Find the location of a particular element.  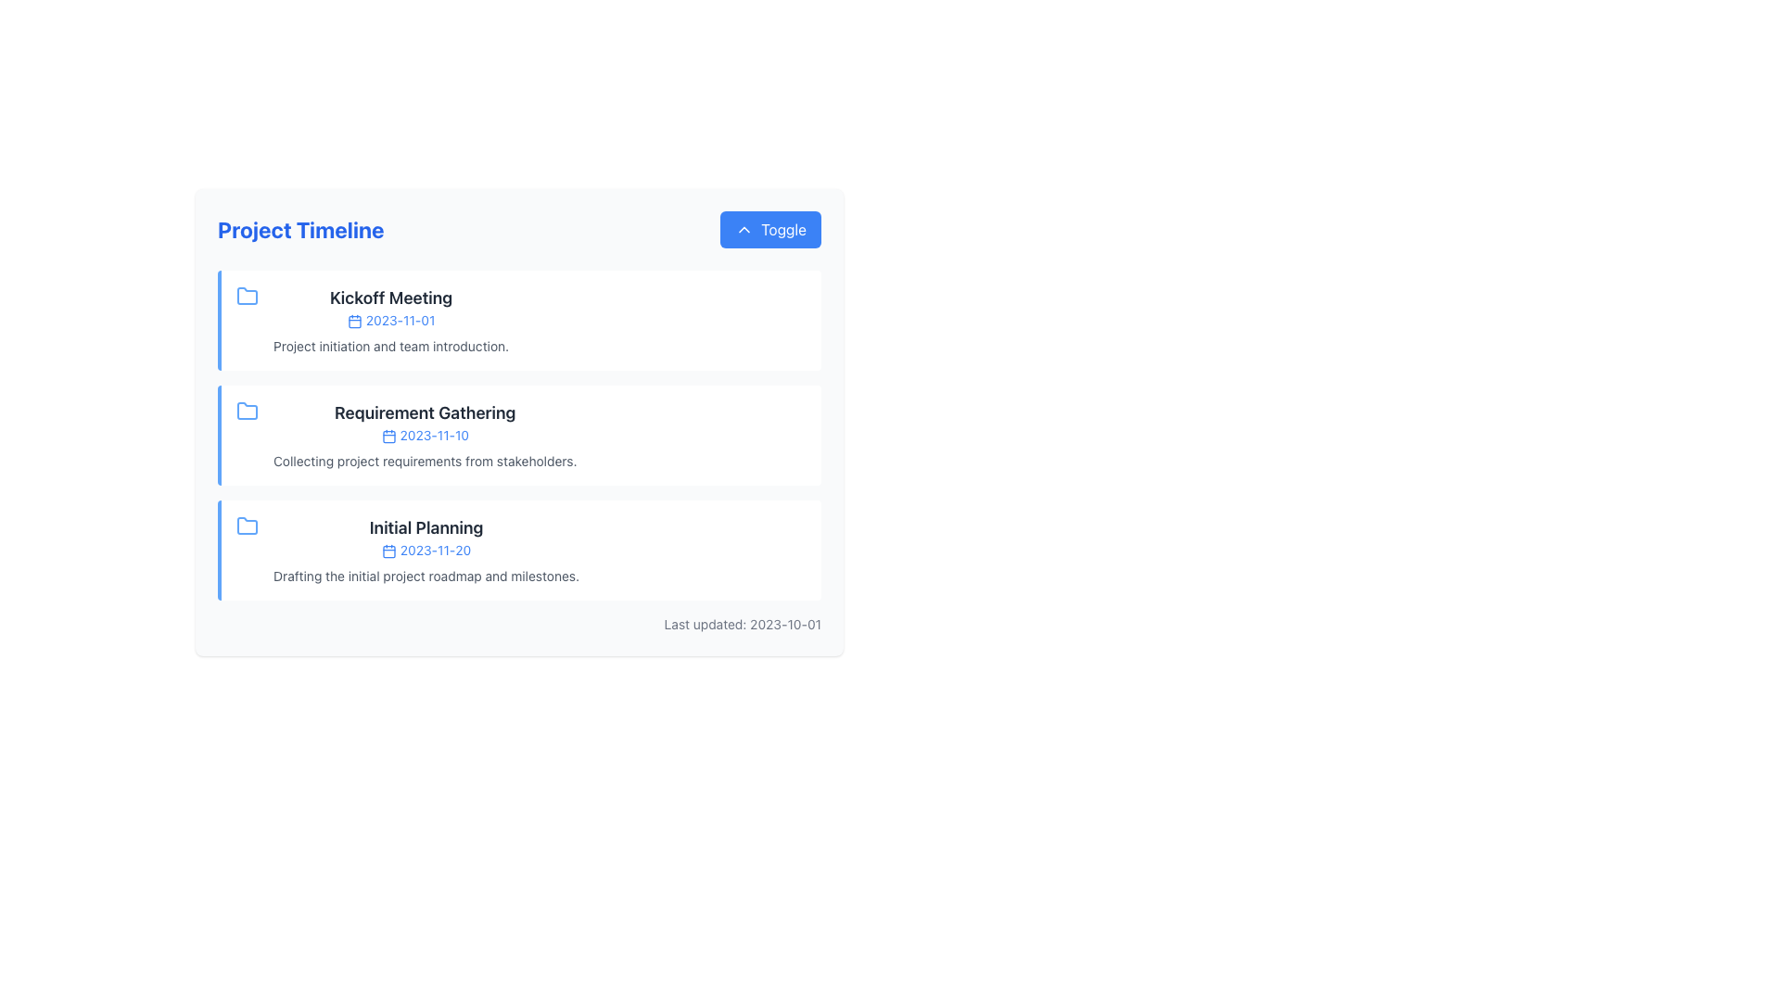

the static text that provides additional details for the 'Kickoff Meeting' entry in the timeline list, located below the date '2023-11-01' is located at coordinates (390, 347).